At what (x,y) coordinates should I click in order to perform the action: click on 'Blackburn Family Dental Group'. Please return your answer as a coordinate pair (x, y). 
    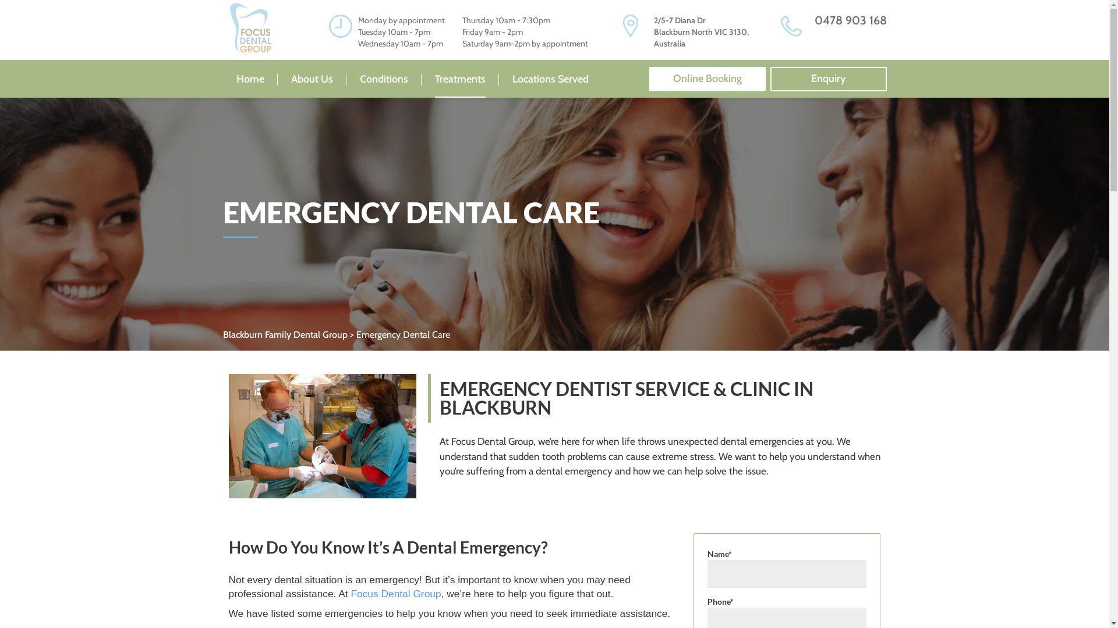
    Looking at the image, I should click on (285, 334).